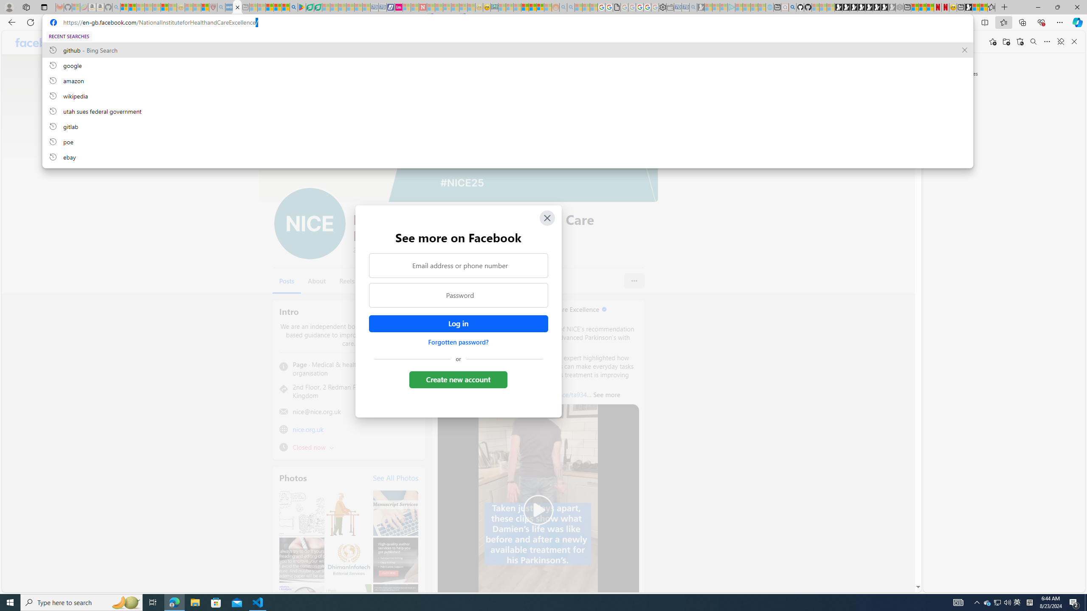 The height and width of the screenshot is (611, 1087). I want to click on 'Latest Politics News & Archive | Newsweek.com - Sleeping', so click(422, 7).